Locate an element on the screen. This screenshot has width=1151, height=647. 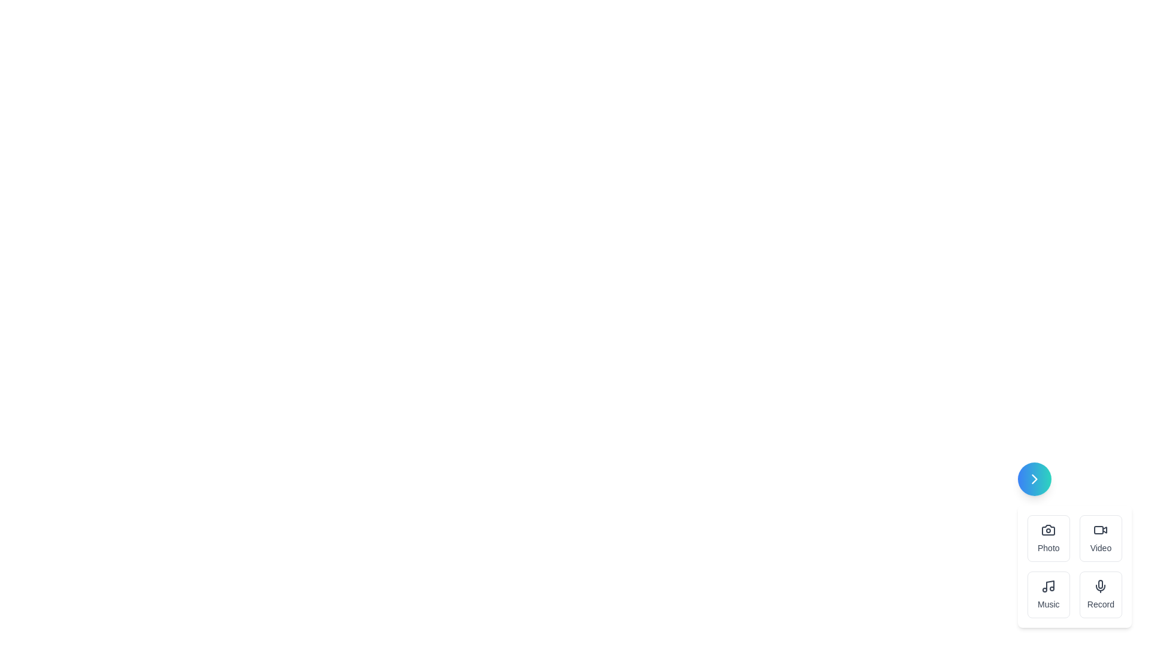
the Photo button in the speed dial menu is located at coordinates (1047, 537).